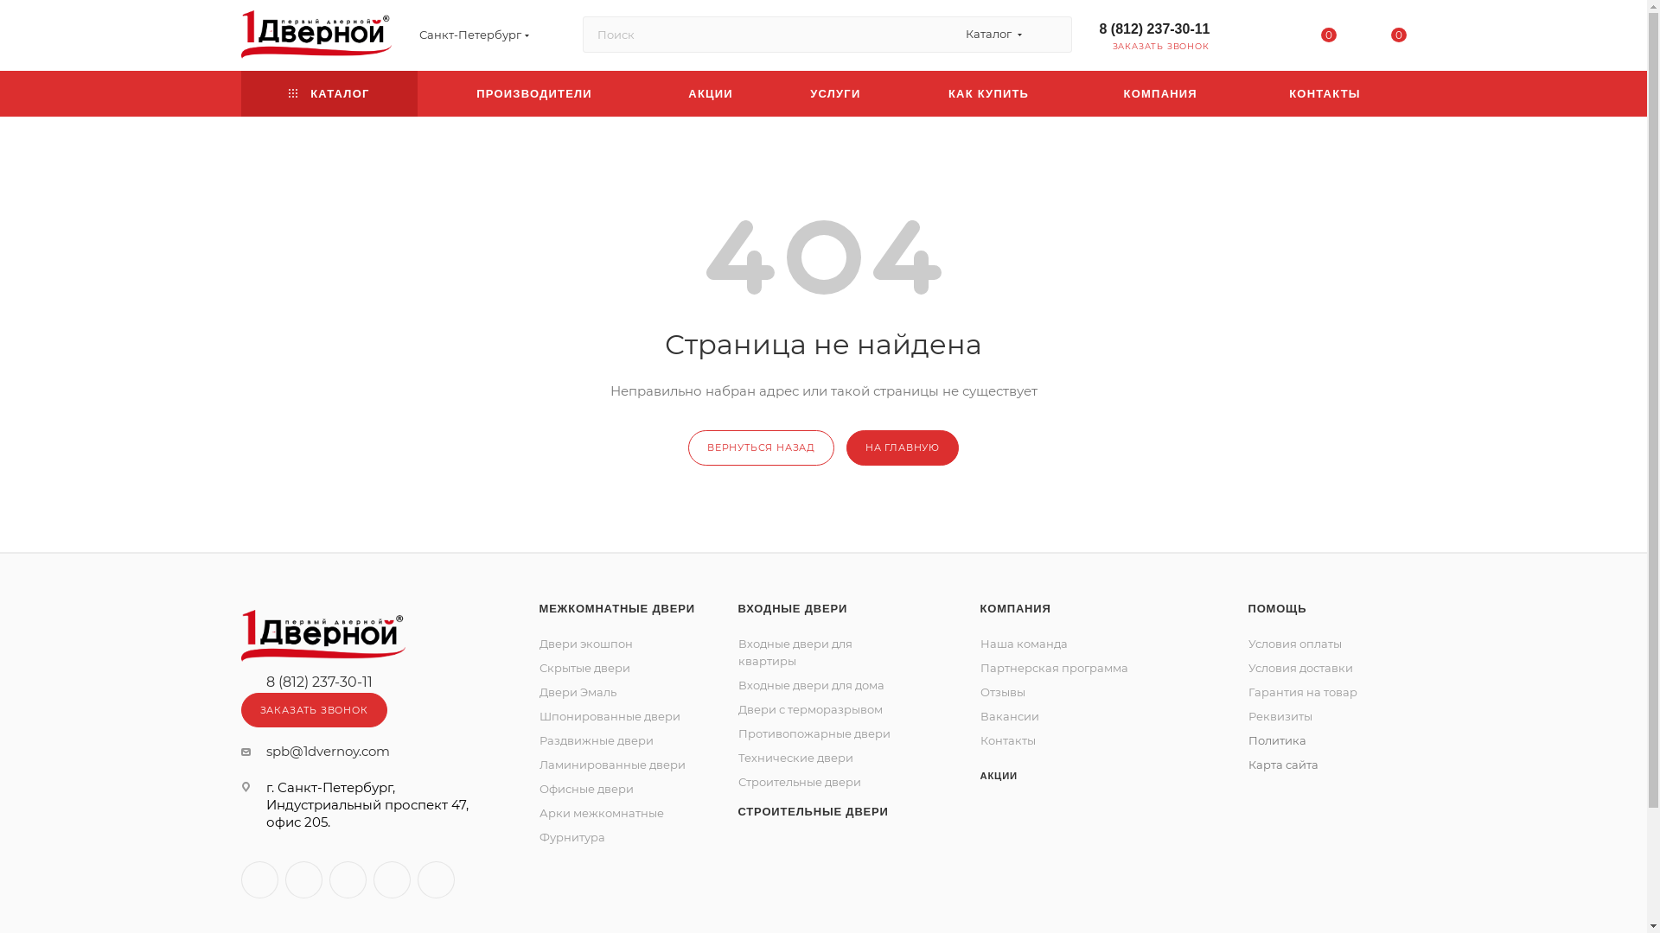 The width and height of the screenshot is (1660, 933). Describe the element at coordinates (328, 751) in the screenshot. I see `'spb@1dvernoy.com'` at that location.